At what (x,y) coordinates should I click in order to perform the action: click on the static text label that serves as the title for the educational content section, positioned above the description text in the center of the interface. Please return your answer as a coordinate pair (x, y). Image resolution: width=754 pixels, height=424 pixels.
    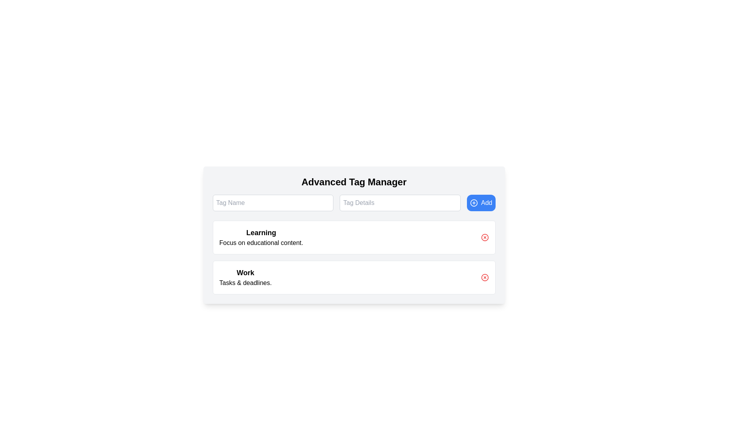
    Looking at the image, I should click on (261, 232).